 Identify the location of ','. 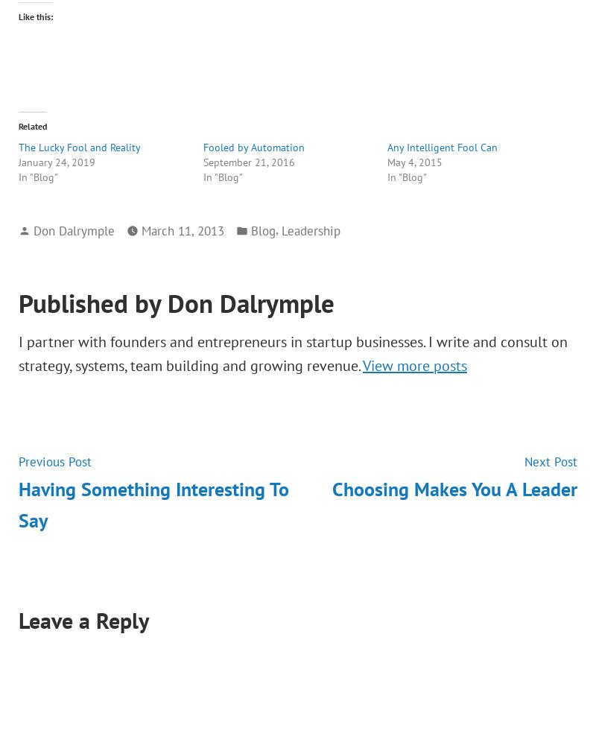
(275, 229).